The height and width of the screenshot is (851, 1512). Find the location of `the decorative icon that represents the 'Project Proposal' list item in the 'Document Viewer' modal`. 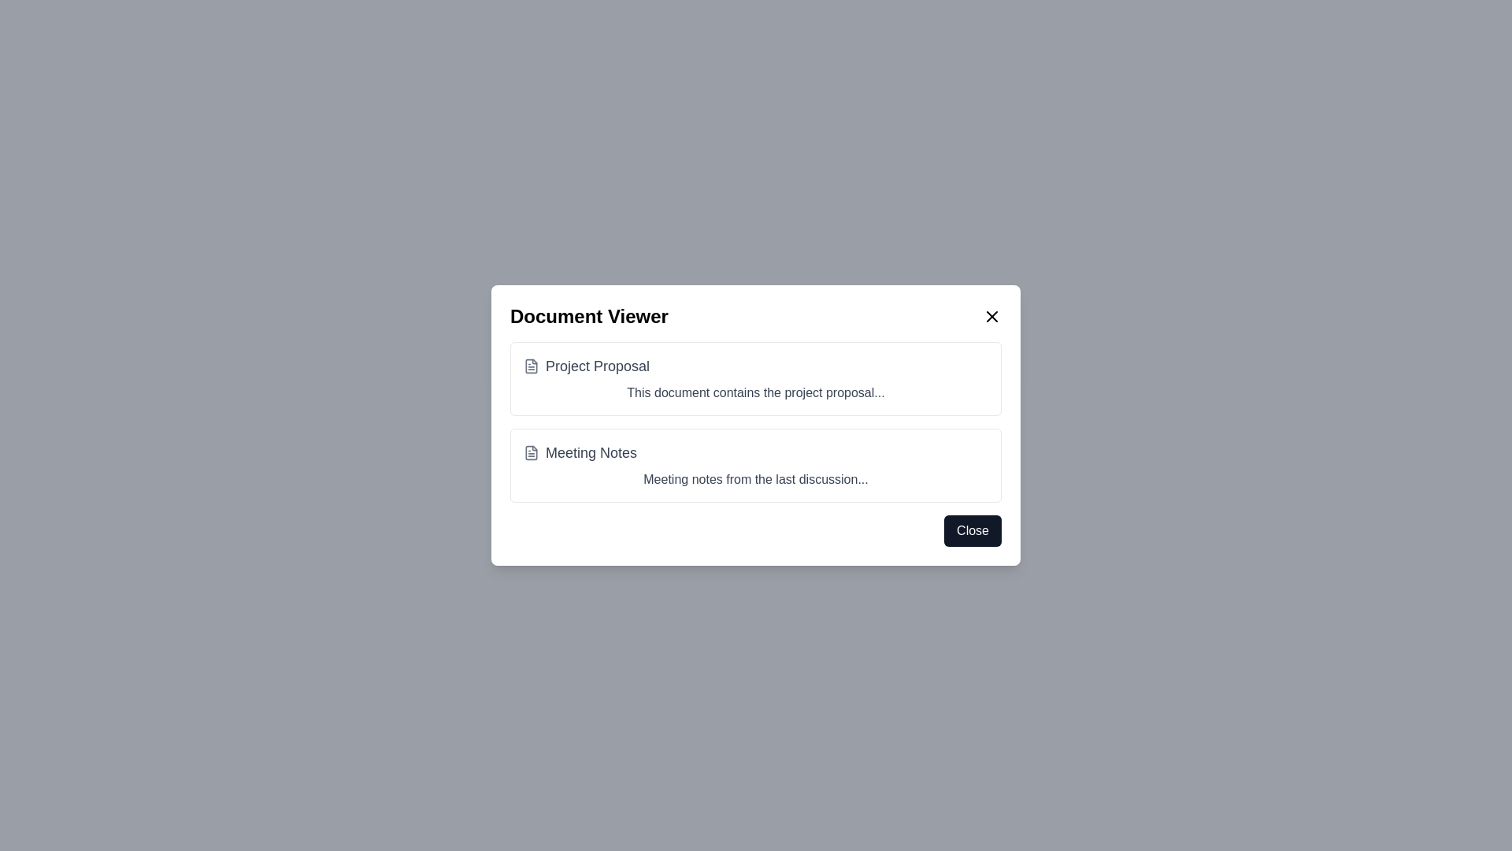

the decorative icon that represents the 'Project Proposal' list item in the 'Document Viewer' modal is located at coordinates (532, 366).